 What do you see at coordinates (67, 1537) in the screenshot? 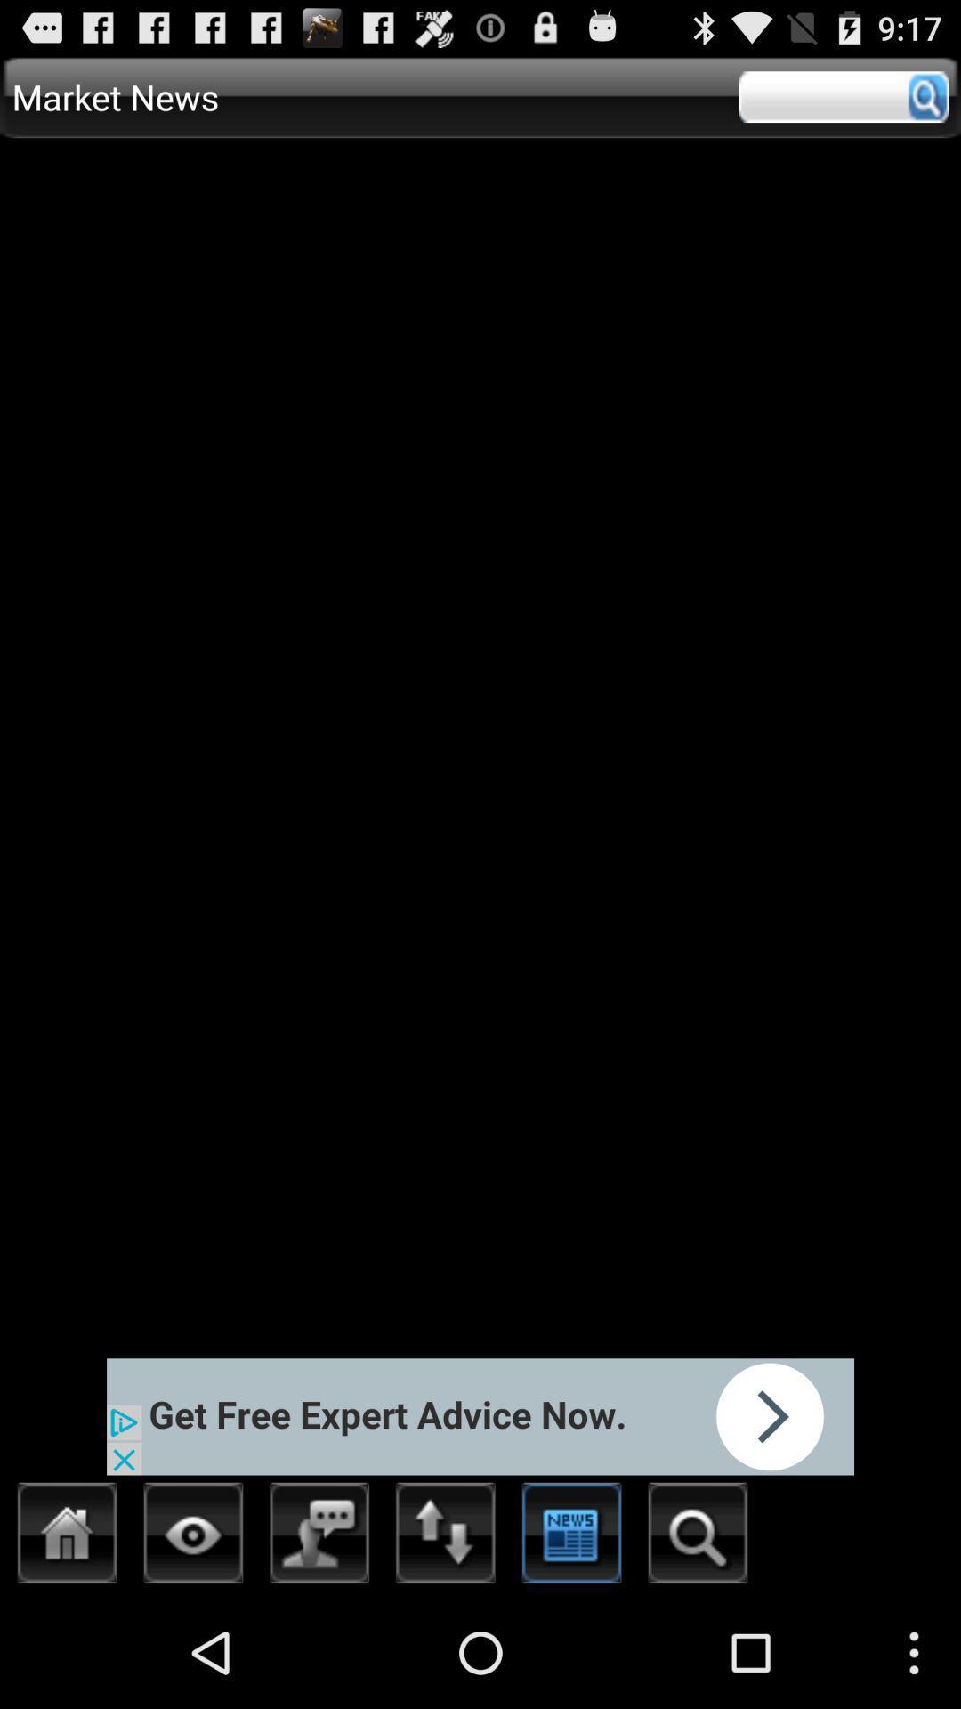
I see `home` at bounding box center [67, 1537].